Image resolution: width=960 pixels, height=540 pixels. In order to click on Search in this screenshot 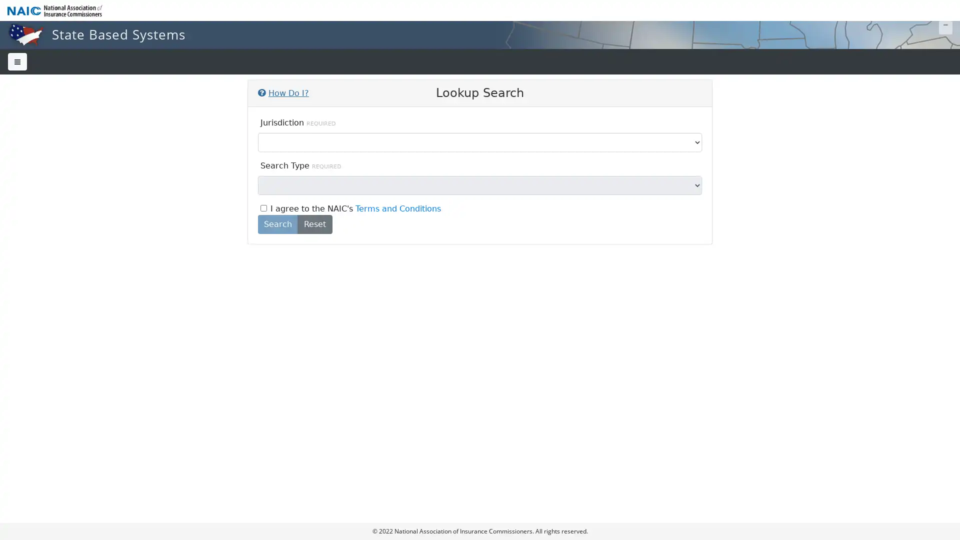, I will do `click(278, 223)`.